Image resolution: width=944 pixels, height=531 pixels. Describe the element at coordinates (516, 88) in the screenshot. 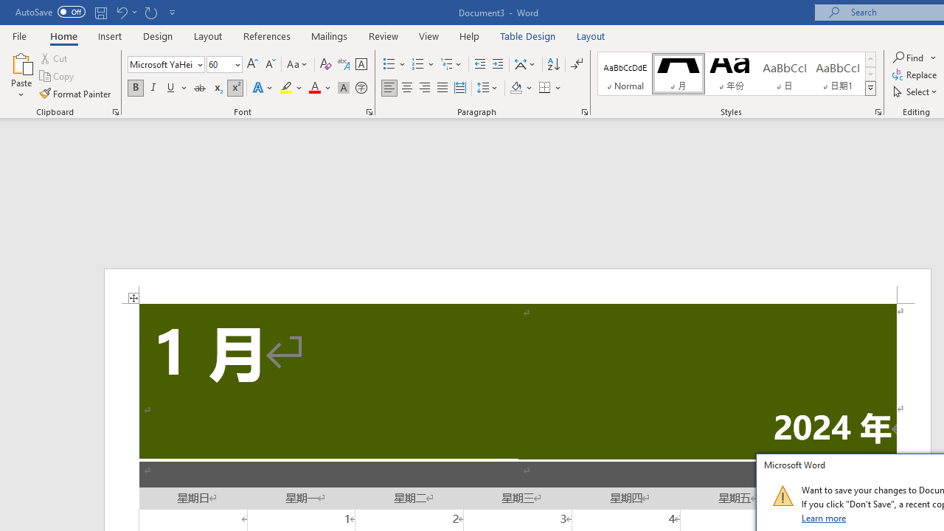

I see `'Shading RGB(0, 0, 0)'` at that location.